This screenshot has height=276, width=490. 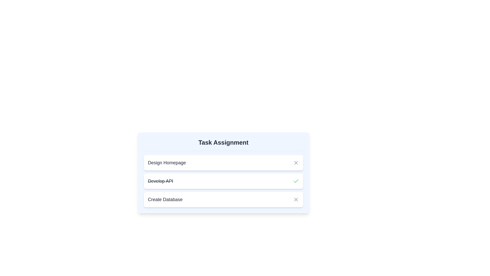 What do you see at coordinates (296, 181) in the screenshot?
I see `the green checkmark icon adjacent to the 'Develop API' text, which indicates completion or approval` at bounding box center [296, 181].